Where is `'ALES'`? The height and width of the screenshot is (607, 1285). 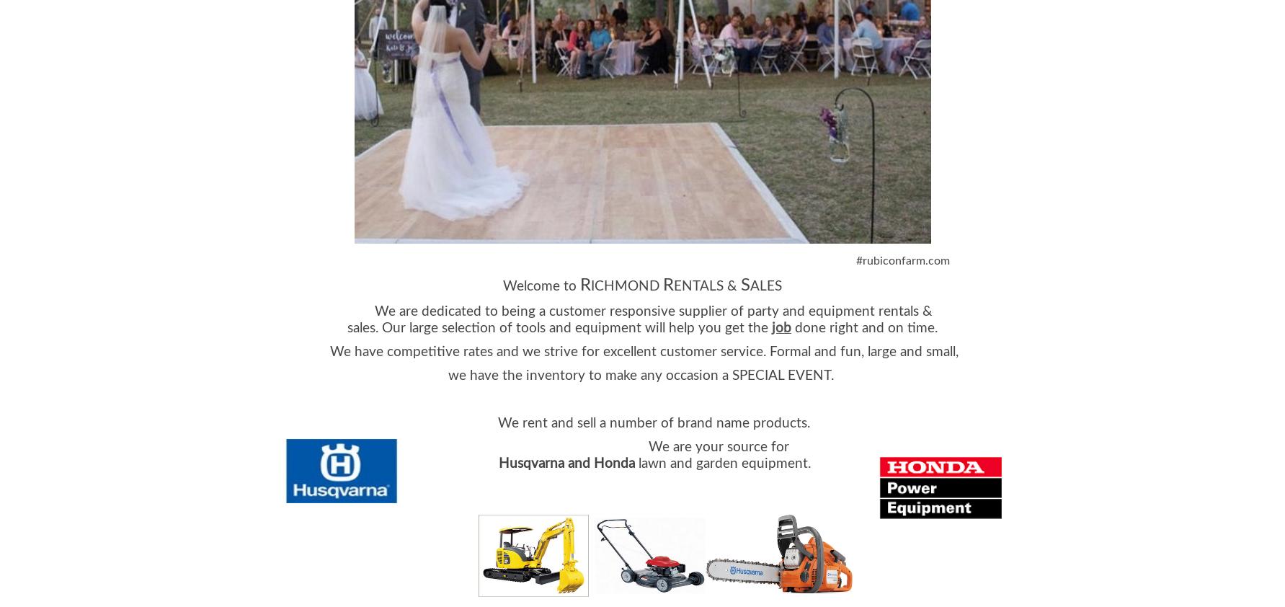
'ALES' is located at coordinates (750, 285).